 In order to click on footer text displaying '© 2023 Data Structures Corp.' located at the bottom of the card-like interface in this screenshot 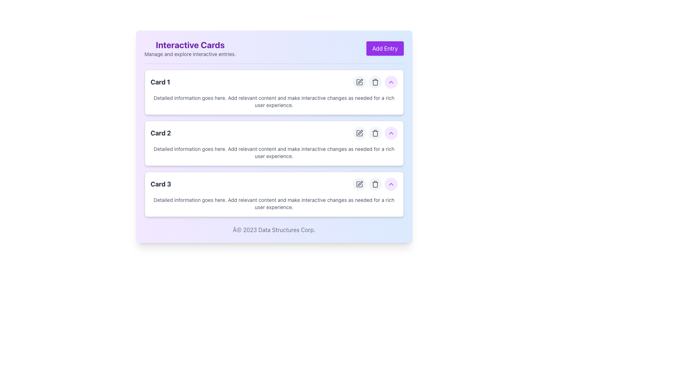, I will do `click(274, 230)`.